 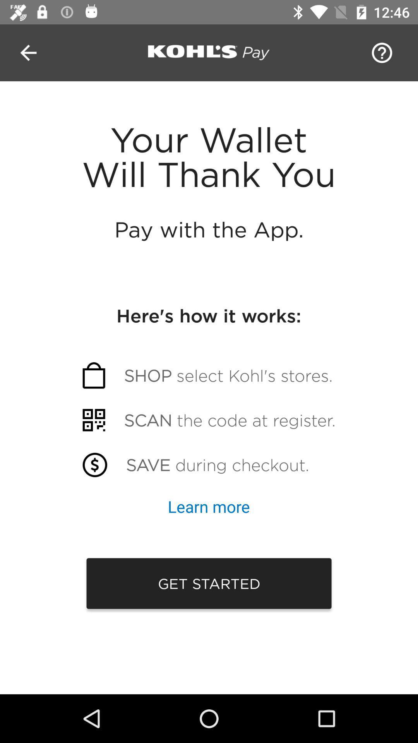 I want to click on the help icon, so click(x=379, y=52).